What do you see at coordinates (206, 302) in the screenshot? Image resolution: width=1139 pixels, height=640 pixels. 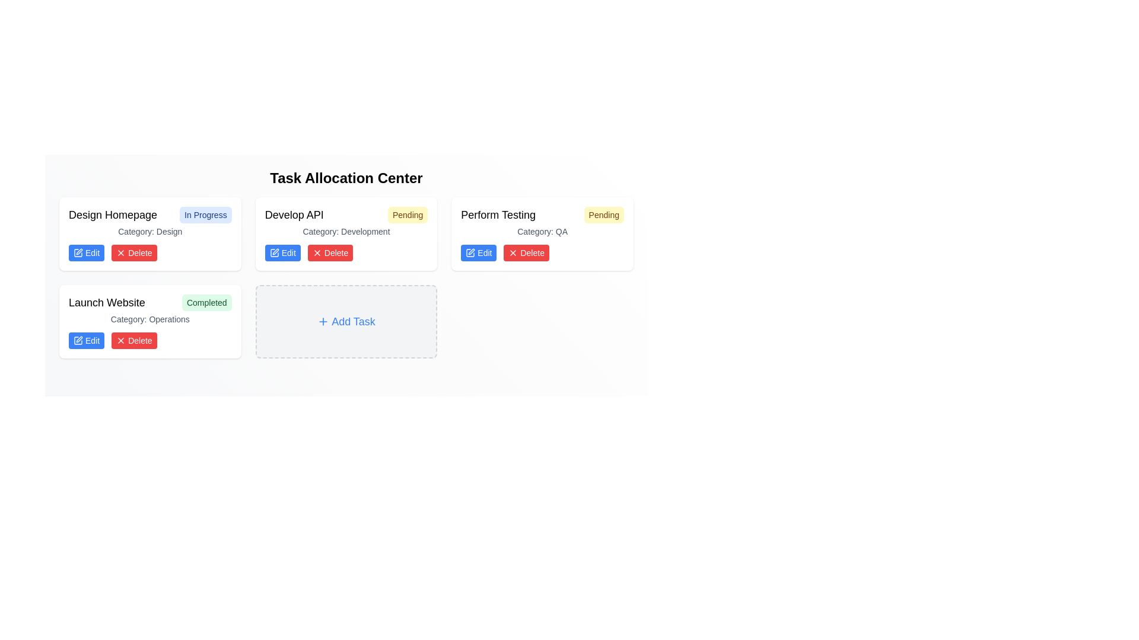 I see `the Status label indicating the completion status of the associated task, which is positioned to the right side of the 'Launch Website' task title within the task card` at bounding box center [206, 302].